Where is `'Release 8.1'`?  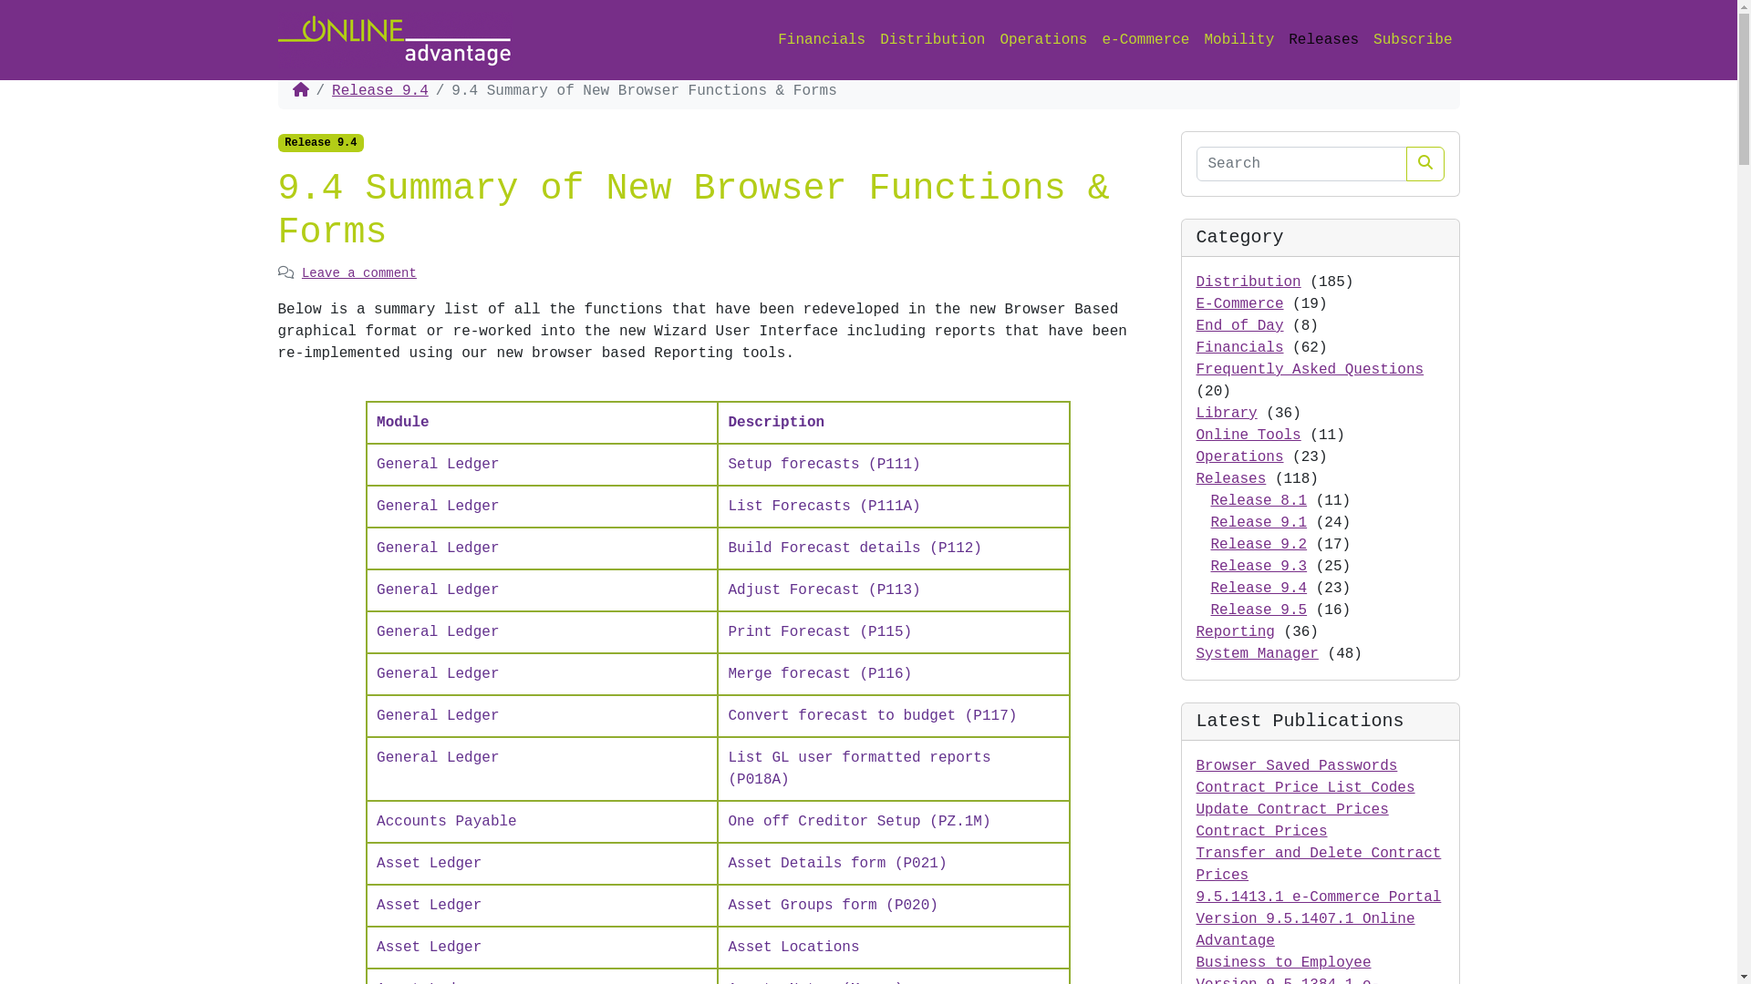 'Release 8.1' is located at coordinates (1259, 501).